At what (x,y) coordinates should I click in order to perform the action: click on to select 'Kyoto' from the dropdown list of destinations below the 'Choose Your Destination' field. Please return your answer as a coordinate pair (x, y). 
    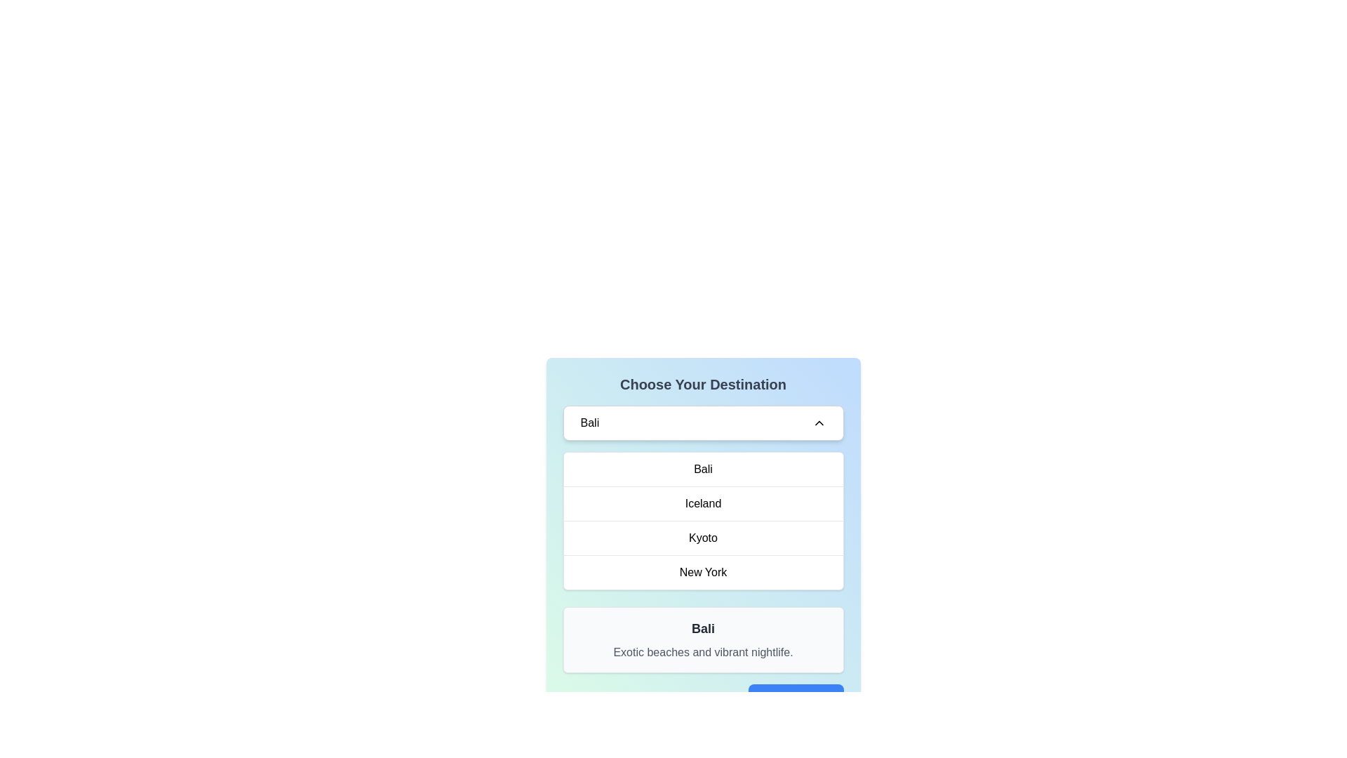
    Looking at the image, I should click on (703, 543).